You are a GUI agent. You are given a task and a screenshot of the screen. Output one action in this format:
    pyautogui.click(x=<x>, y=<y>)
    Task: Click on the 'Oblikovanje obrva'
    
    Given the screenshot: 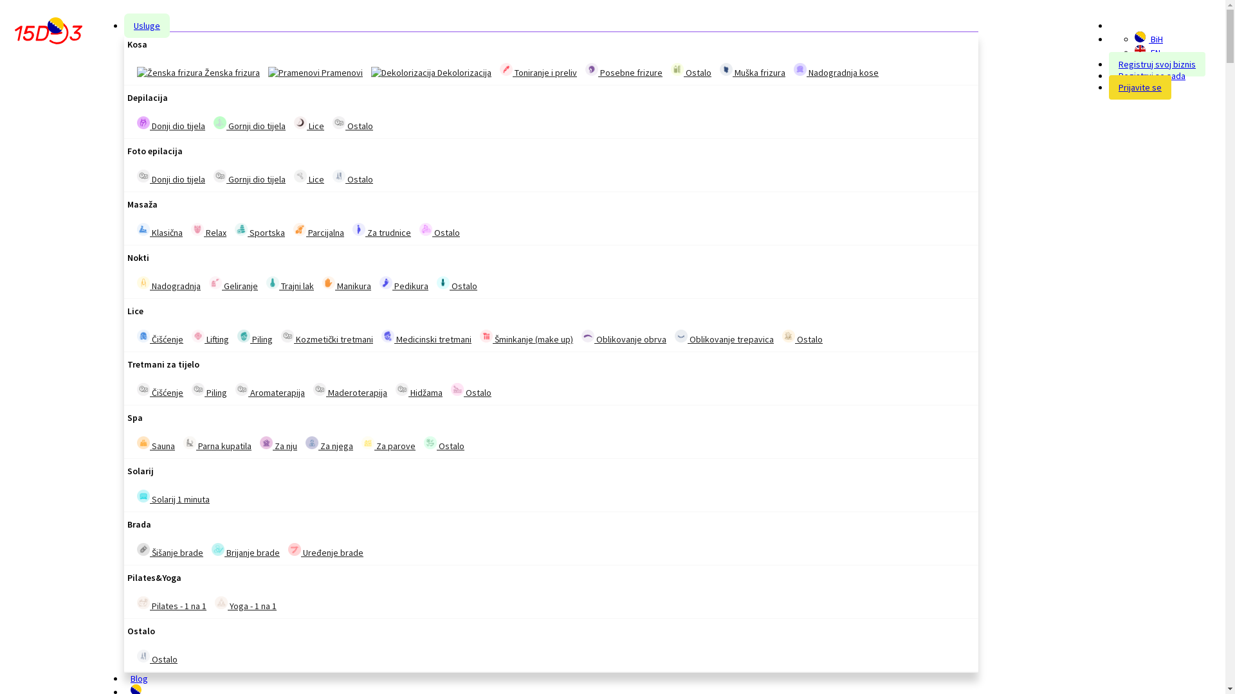 What is the action you would take?
    pyautogui.click(x=623, y=336)
    